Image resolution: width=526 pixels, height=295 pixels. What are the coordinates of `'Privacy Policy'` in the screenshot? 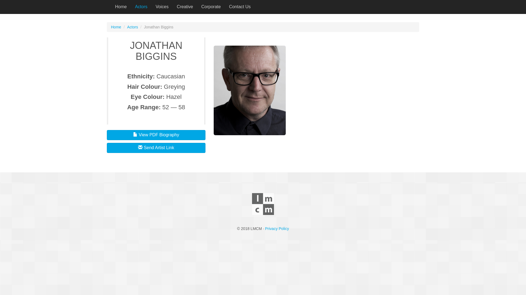 It's located at (277, 229).